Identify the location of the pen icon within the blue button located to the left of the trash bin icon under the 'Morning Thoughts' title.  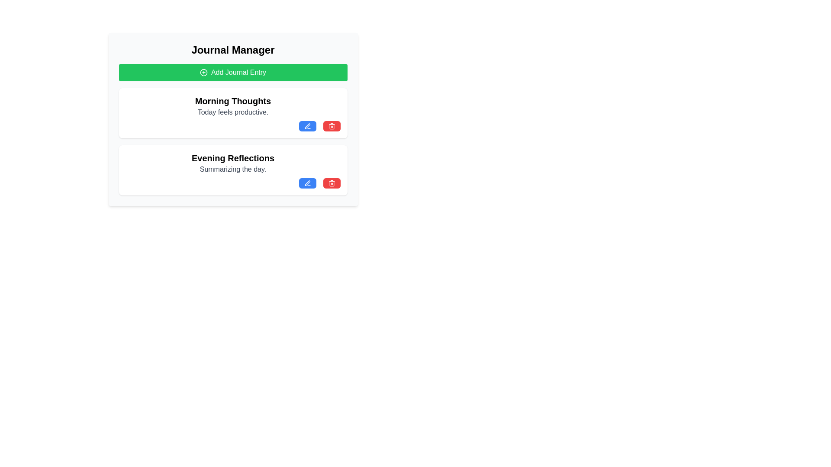
(307, 126).